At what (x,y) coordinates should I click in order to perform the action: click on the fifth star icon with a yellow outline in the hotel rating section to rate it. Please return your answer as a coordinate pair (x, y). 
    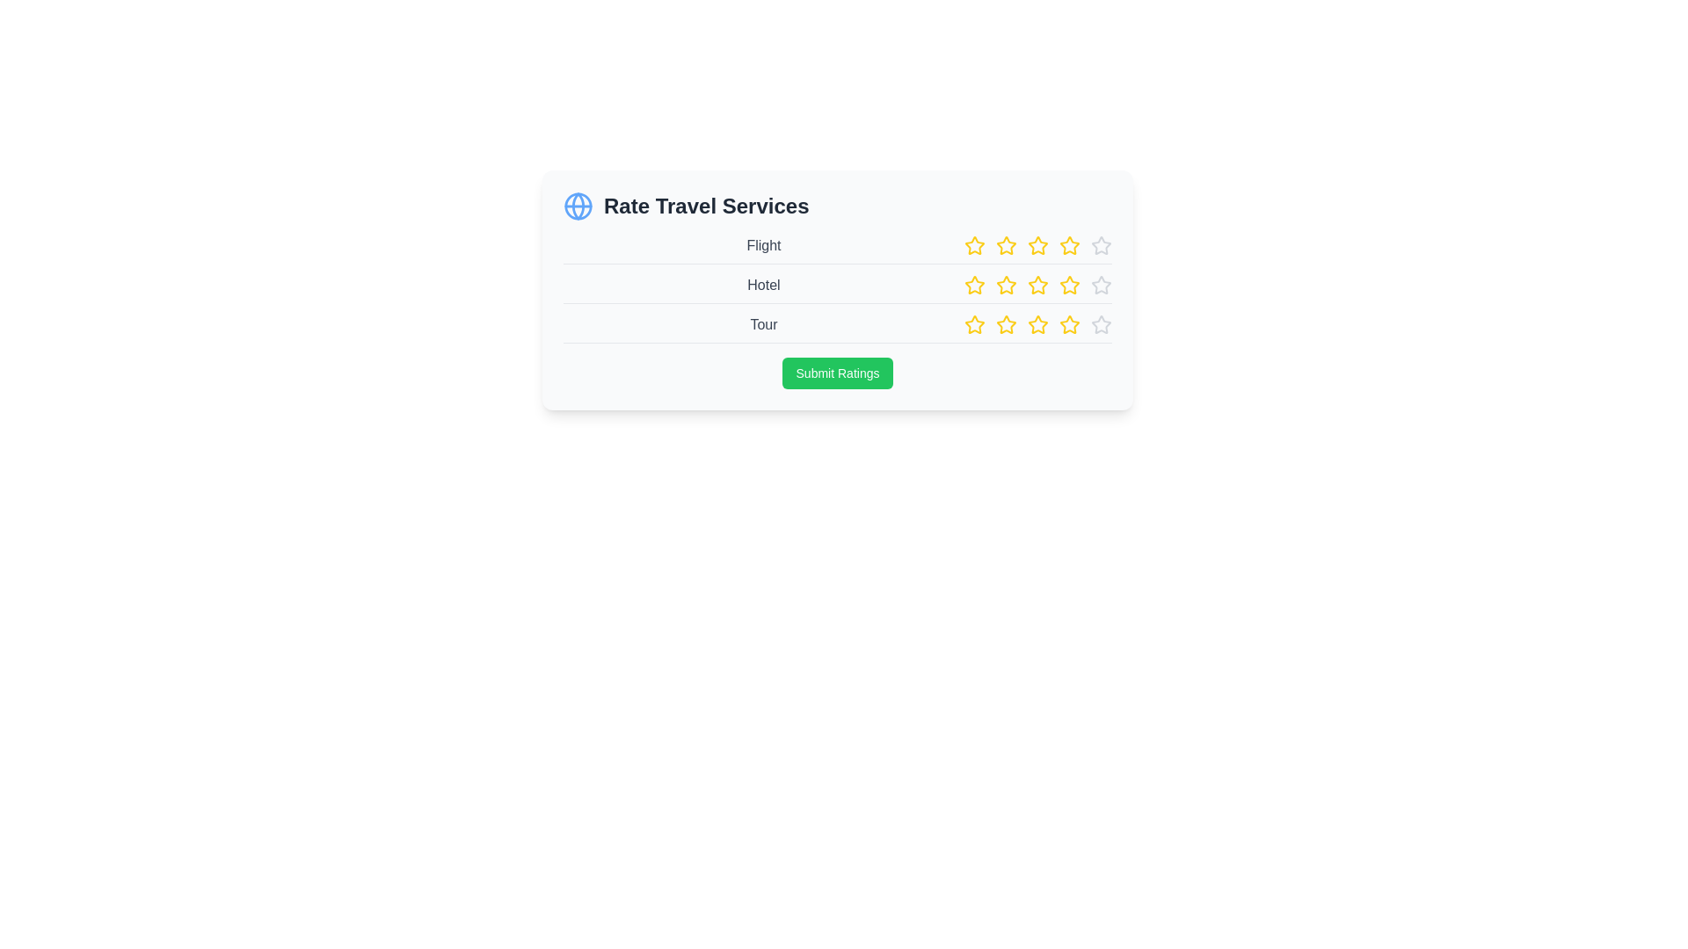
    Looking at the image, I should click on (1069, 284).